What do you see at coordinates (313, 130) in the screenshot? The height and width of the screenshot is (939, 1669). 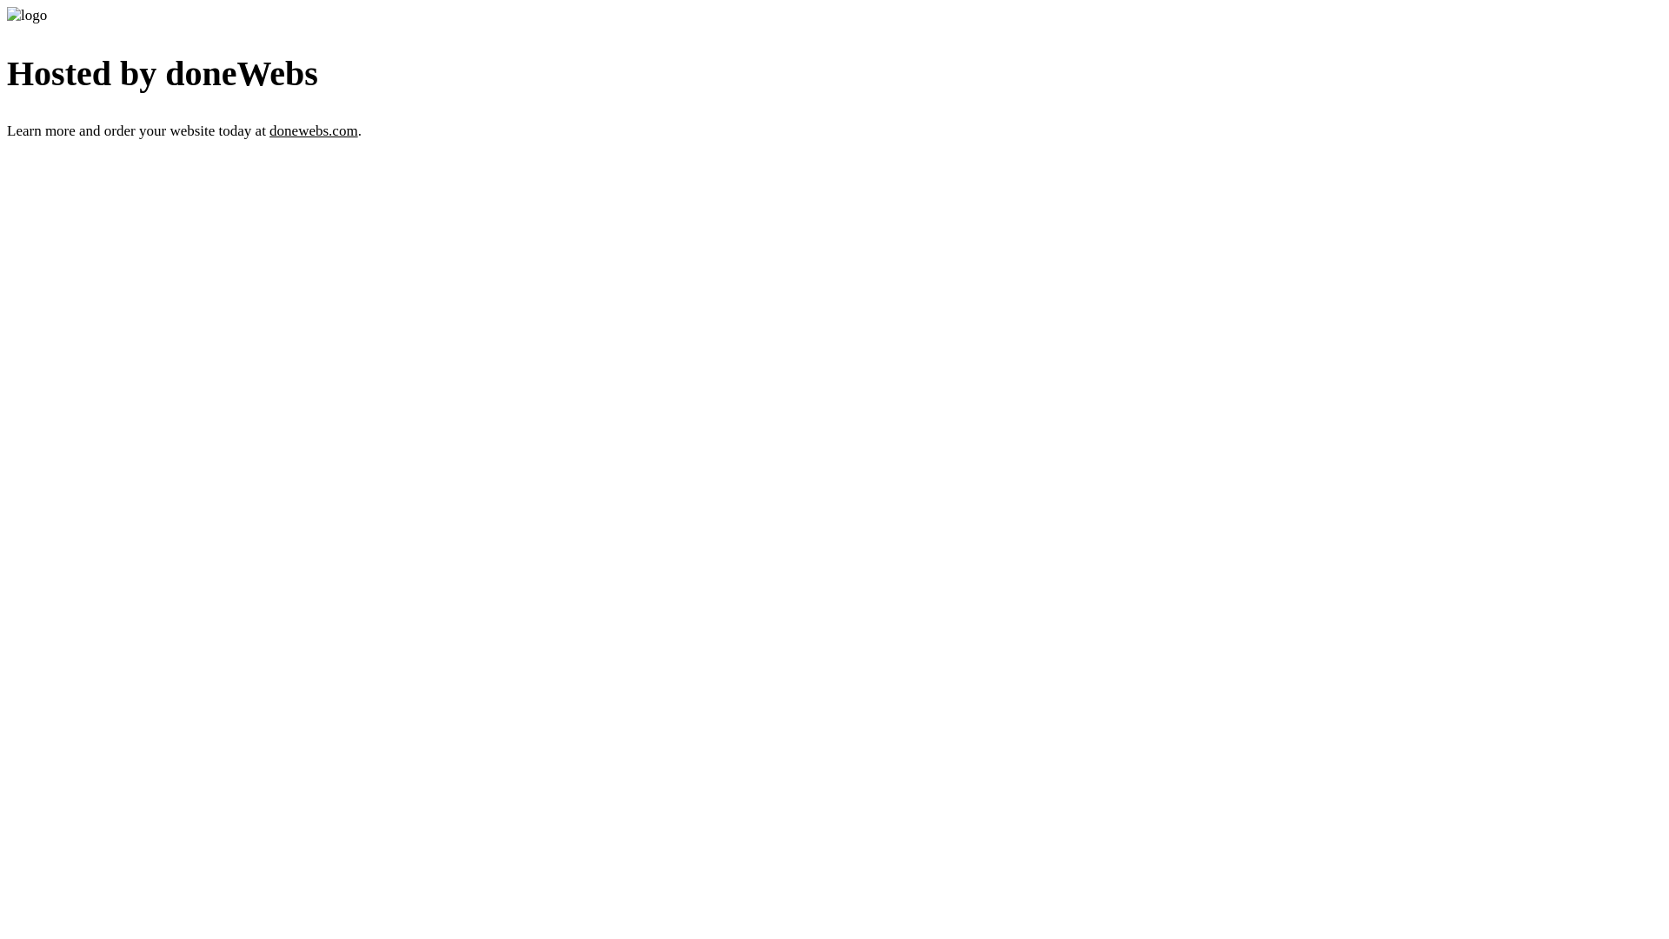 I see `'donewebs.com'` at bounding box center [313, 130].